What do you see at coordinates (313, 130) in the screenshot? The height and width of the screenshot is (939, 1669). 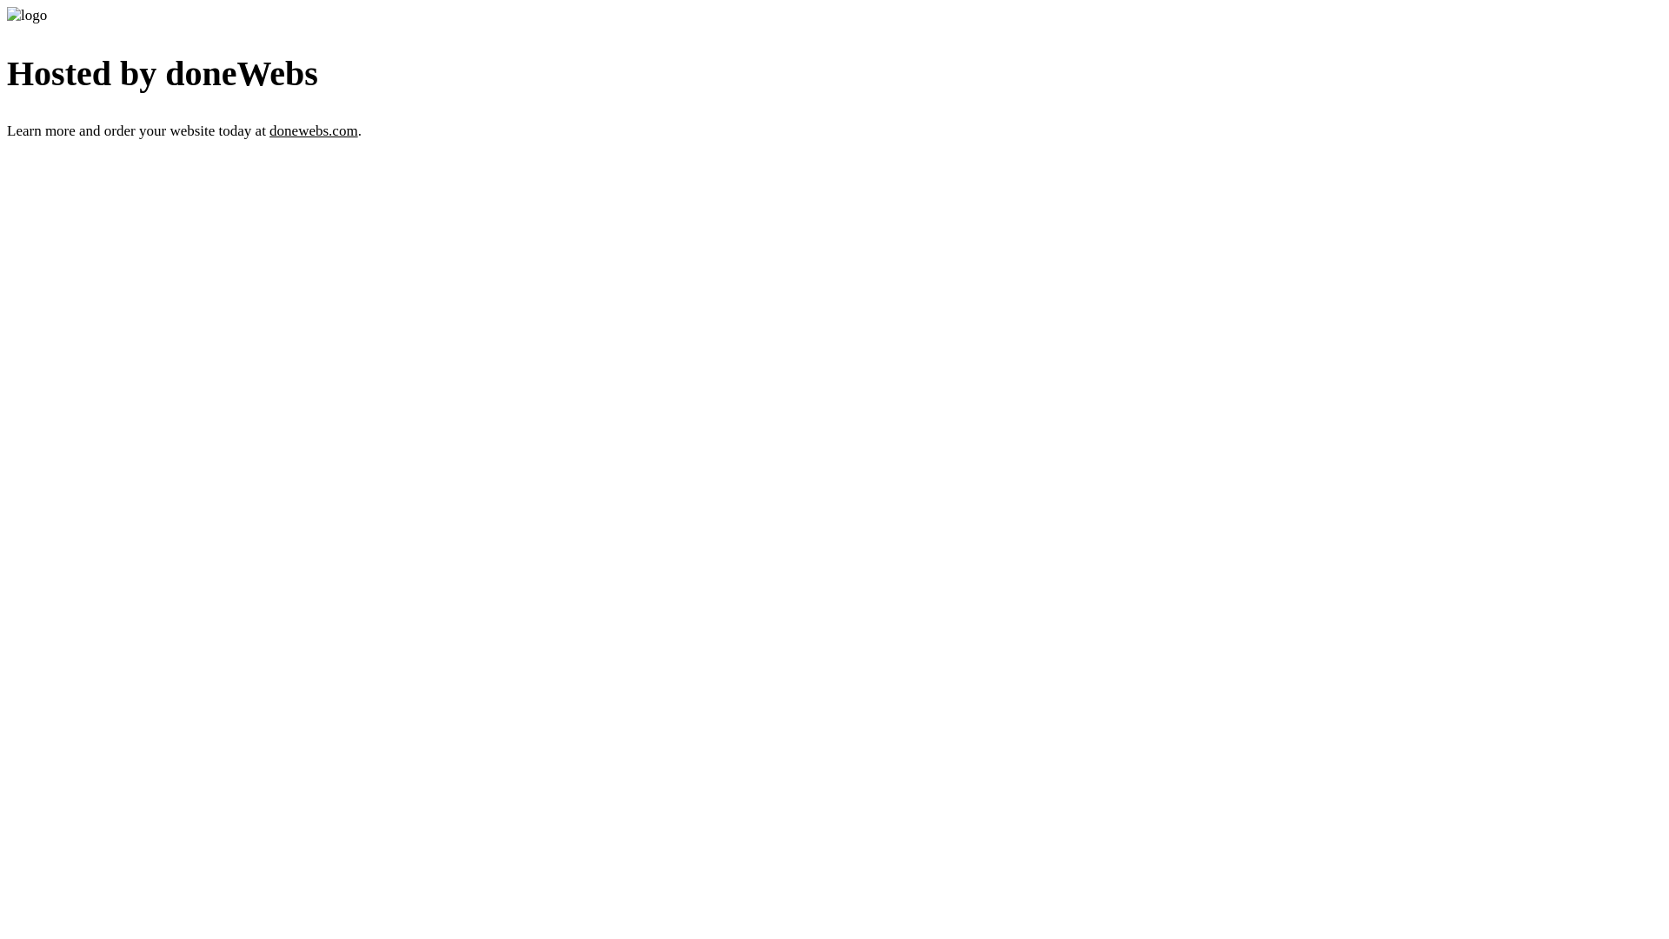 I see `'donewebs.com'` at bounding box center [313, 130].